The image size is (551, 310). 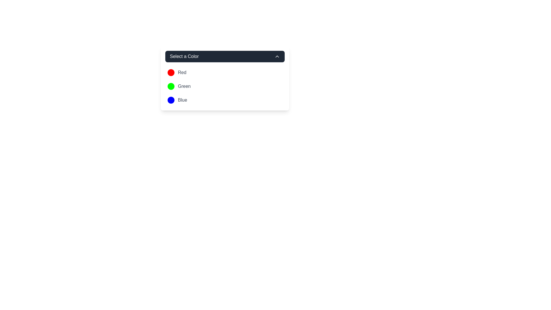 I want to click on keyboard navigation, so click(x=179, y=86).